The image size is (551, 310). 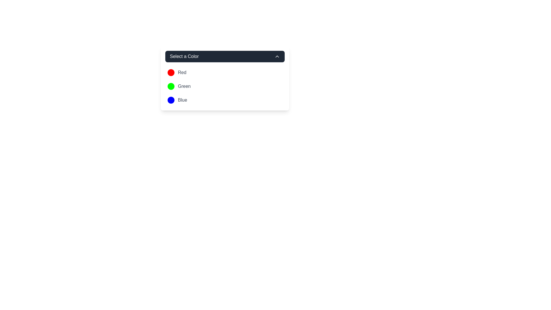 I want to click on keyboard navigation, so click(x=179, y=86).